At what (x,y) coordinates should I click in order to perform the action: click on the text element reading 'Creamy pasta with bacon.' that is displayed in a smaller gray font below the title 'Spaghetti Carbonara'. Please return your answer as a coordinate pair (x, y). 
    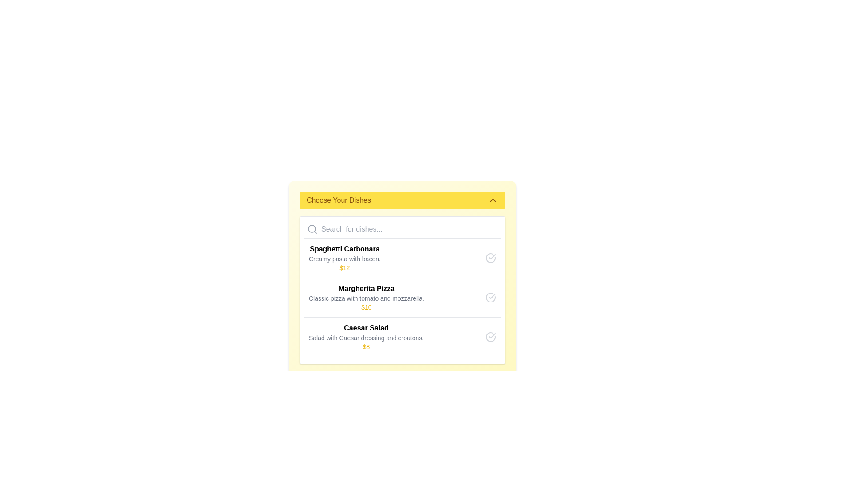
    Looking at the image, I should click on (344, 259).